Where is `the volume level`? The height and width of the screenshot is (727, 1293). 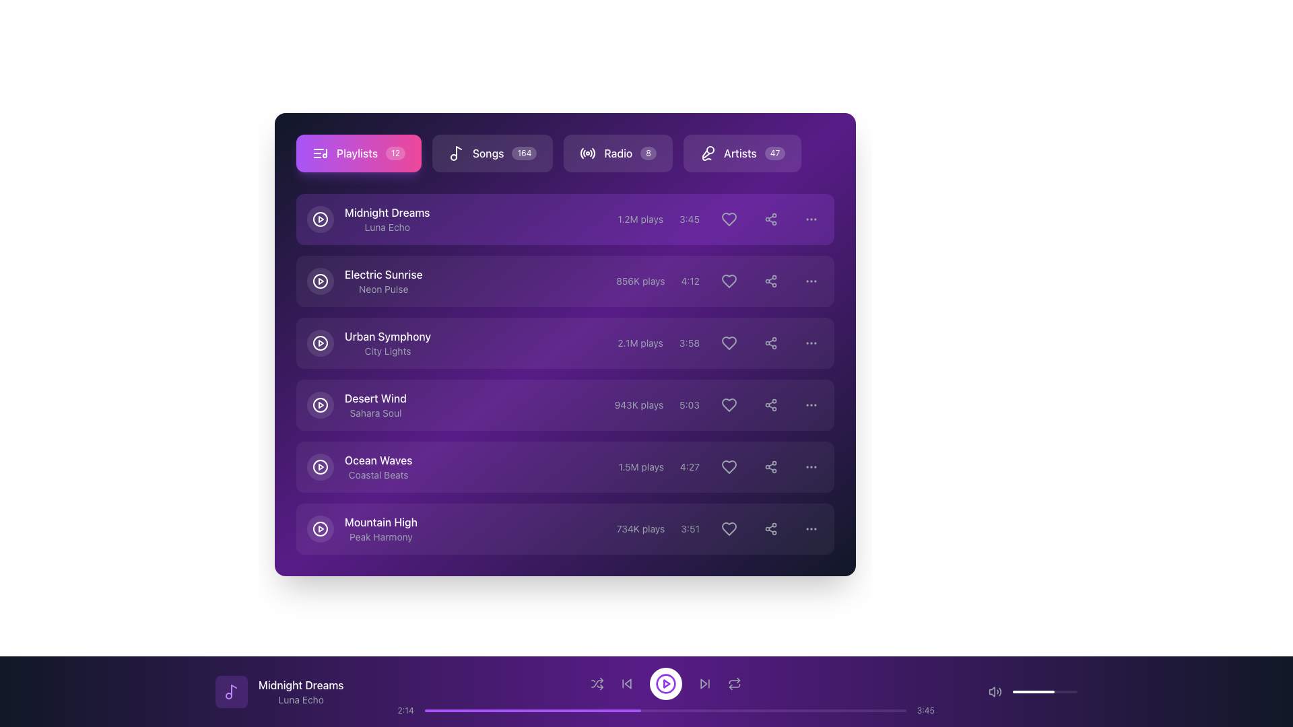 the volume level is located at coordinates (1032, 692).